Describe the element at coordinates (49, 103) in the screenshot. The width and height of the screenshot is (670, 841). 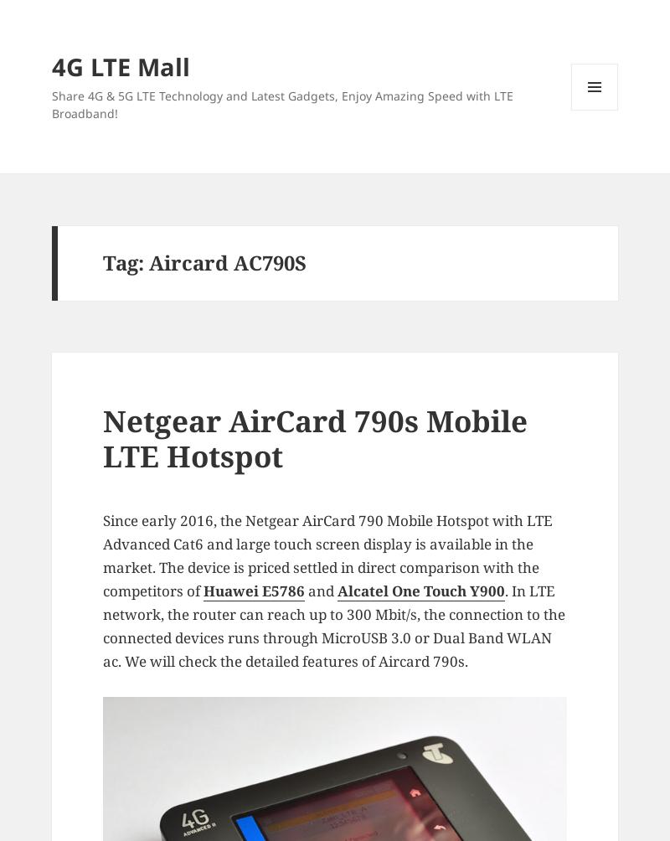
I see `'Share 4G & 5G LTE Technology and Latest Gadgets, Enjoy Amazing Speed with LTE Broadband!'` at that location.